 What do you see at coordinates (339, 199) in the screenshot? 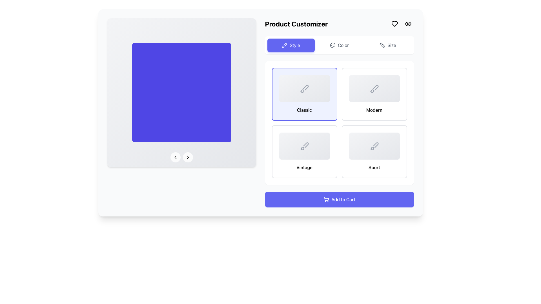
I see `the 'Add to Cart' button, which is a rectangular button with rounded corners, a vivid indigo background, and white centered text, located at the bottom of the customization section` at bounding box center [339, 199].